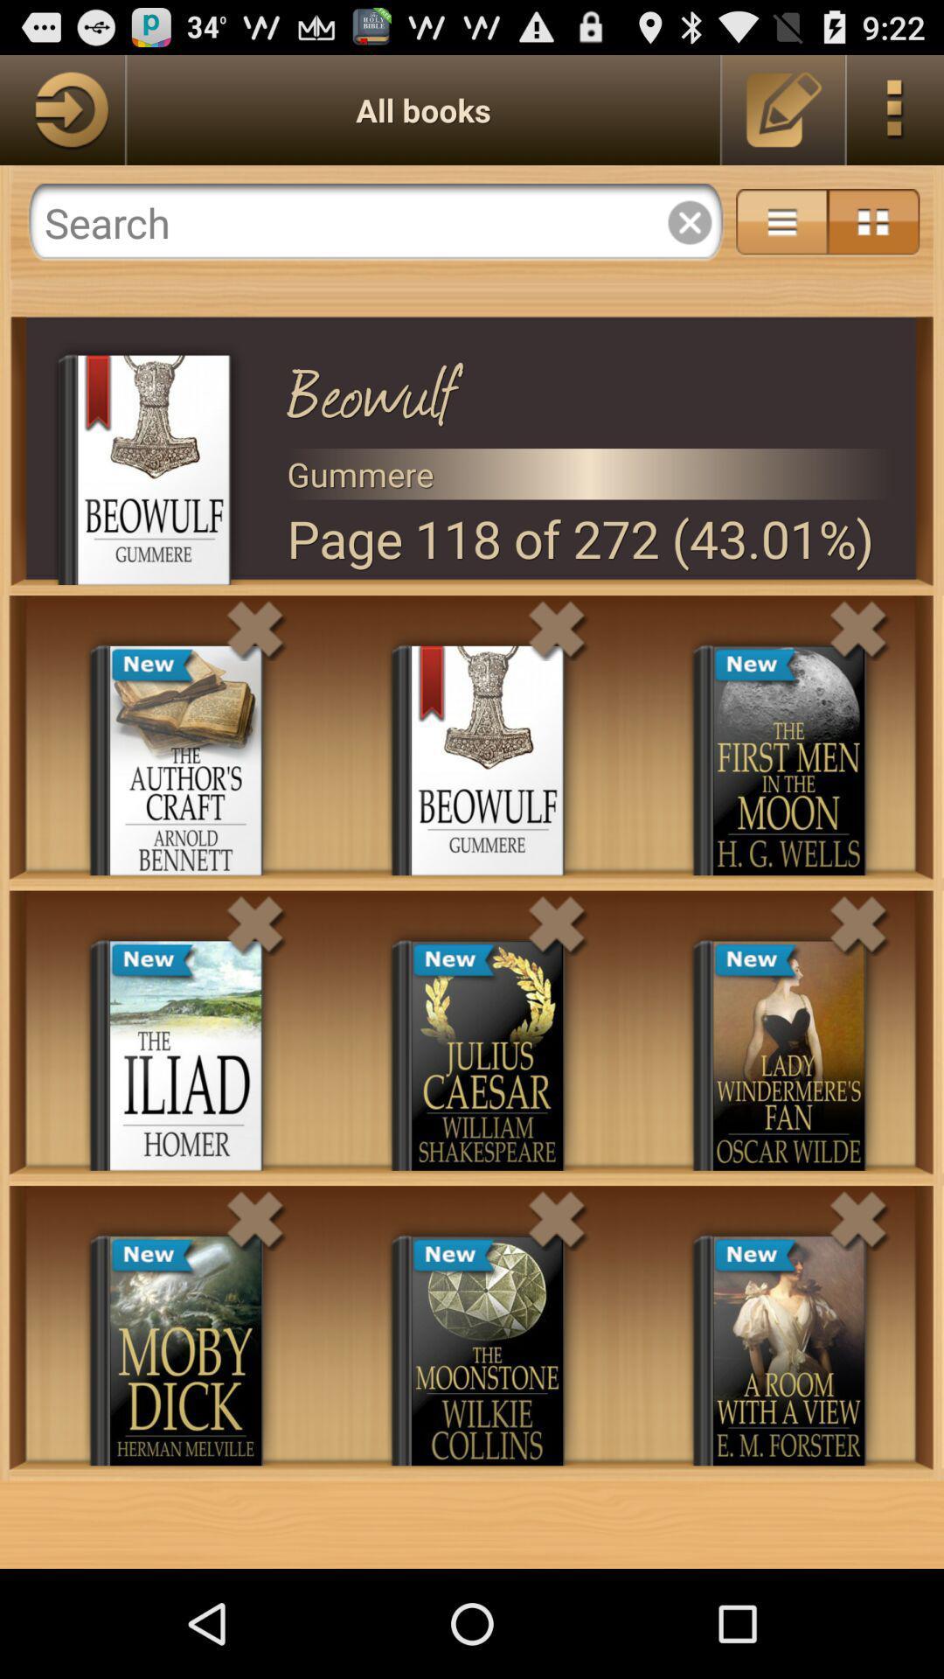 The width and height of the screenshot is (944, 1679). Describe the element at coordinates (783, 116) in the screenshot. I see `the edit icon` at that location.